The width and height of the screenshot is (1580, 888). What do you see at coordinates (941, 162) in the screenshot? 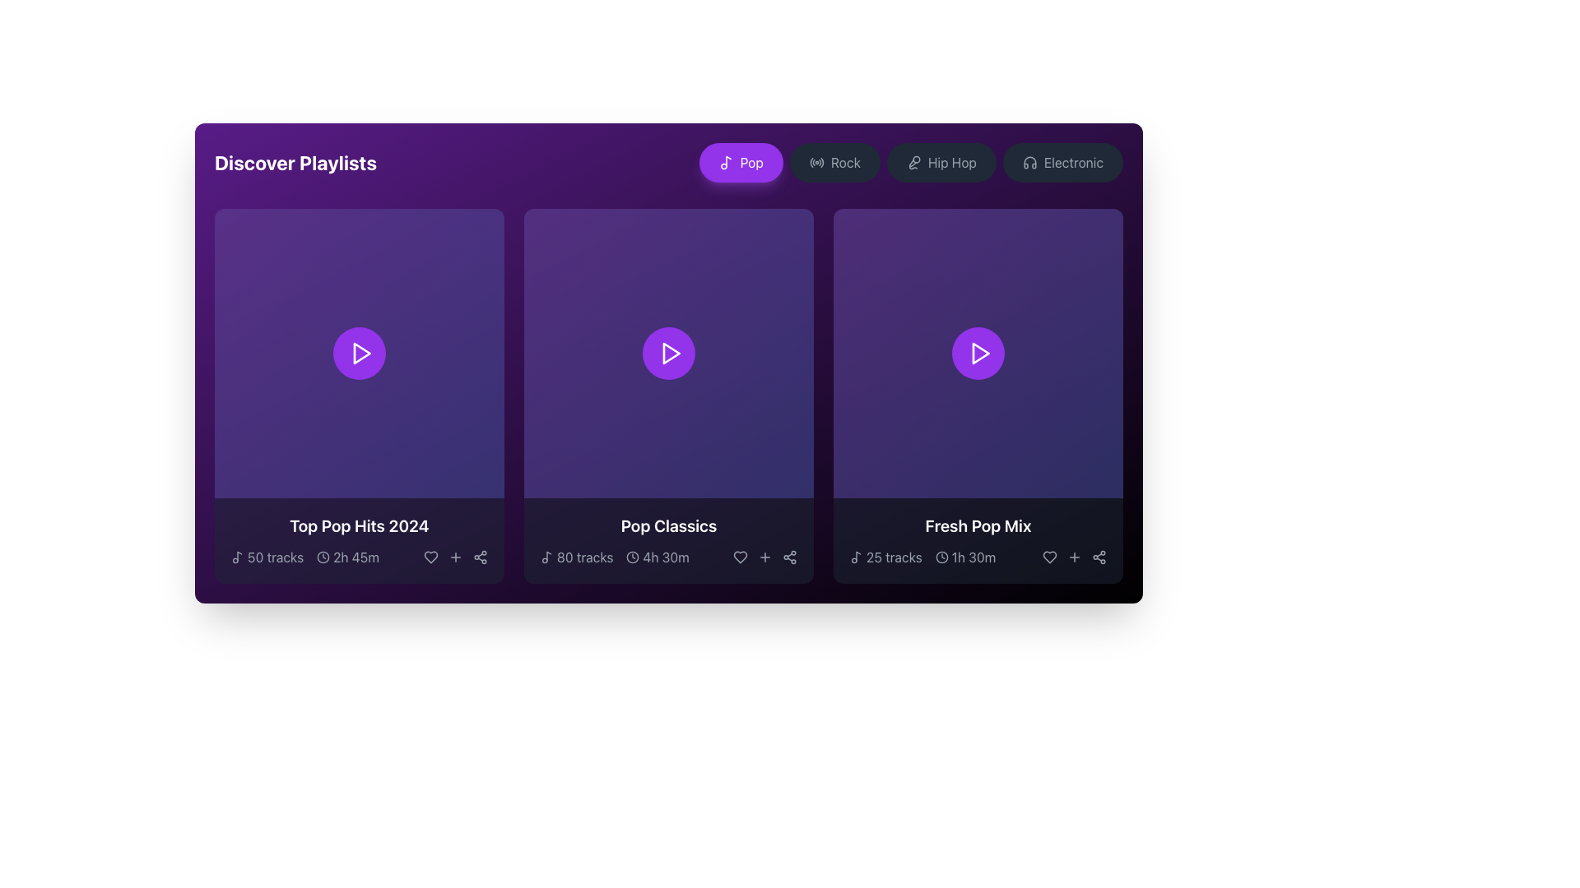
I see `the 'Hip Hop' genre button located as the third button from the left in the row of genre buttons, which is positioned after the 'Pop' and 'Rock' buttons, to filter or navigate to playlists in the Hip Hop genre` at bounding box center [941, 162].